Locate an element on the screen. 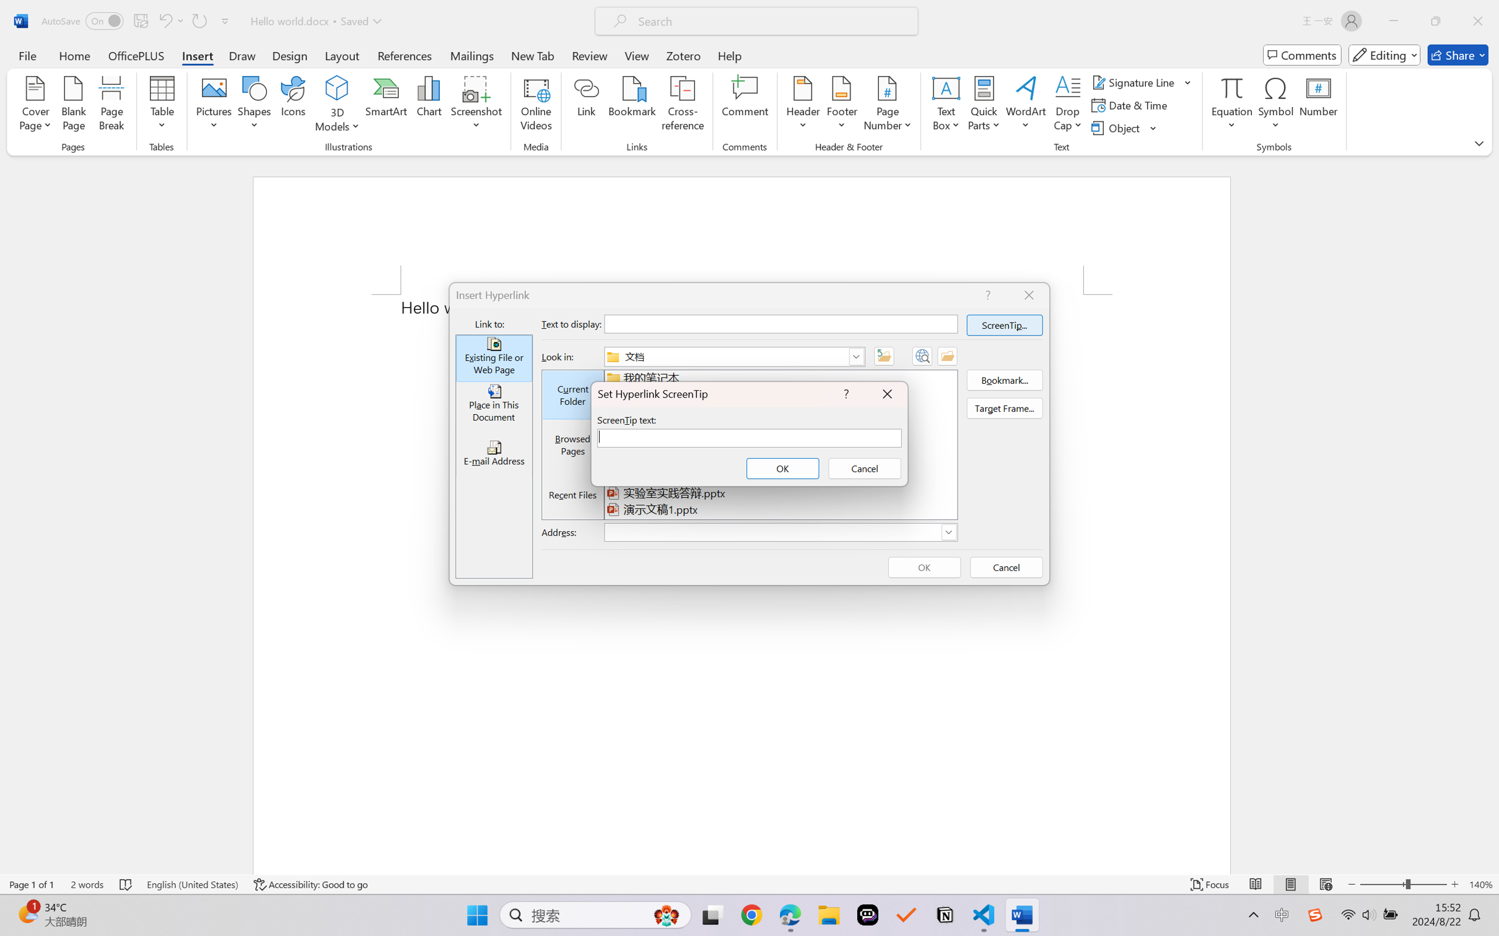  'Can' is located at coordinates (198, 20).